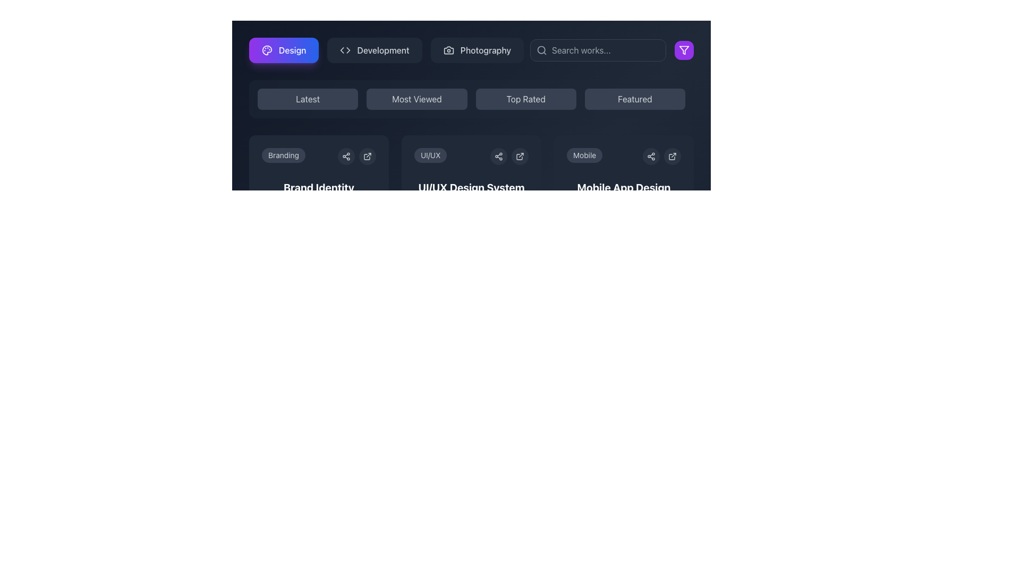 The image size is (1020, 573). What do you see at coordinates (346, 156) in the screenshot?
I see `the Share button icon located in the upper right corner of the card-like widget` at bounding box center [346, 156].